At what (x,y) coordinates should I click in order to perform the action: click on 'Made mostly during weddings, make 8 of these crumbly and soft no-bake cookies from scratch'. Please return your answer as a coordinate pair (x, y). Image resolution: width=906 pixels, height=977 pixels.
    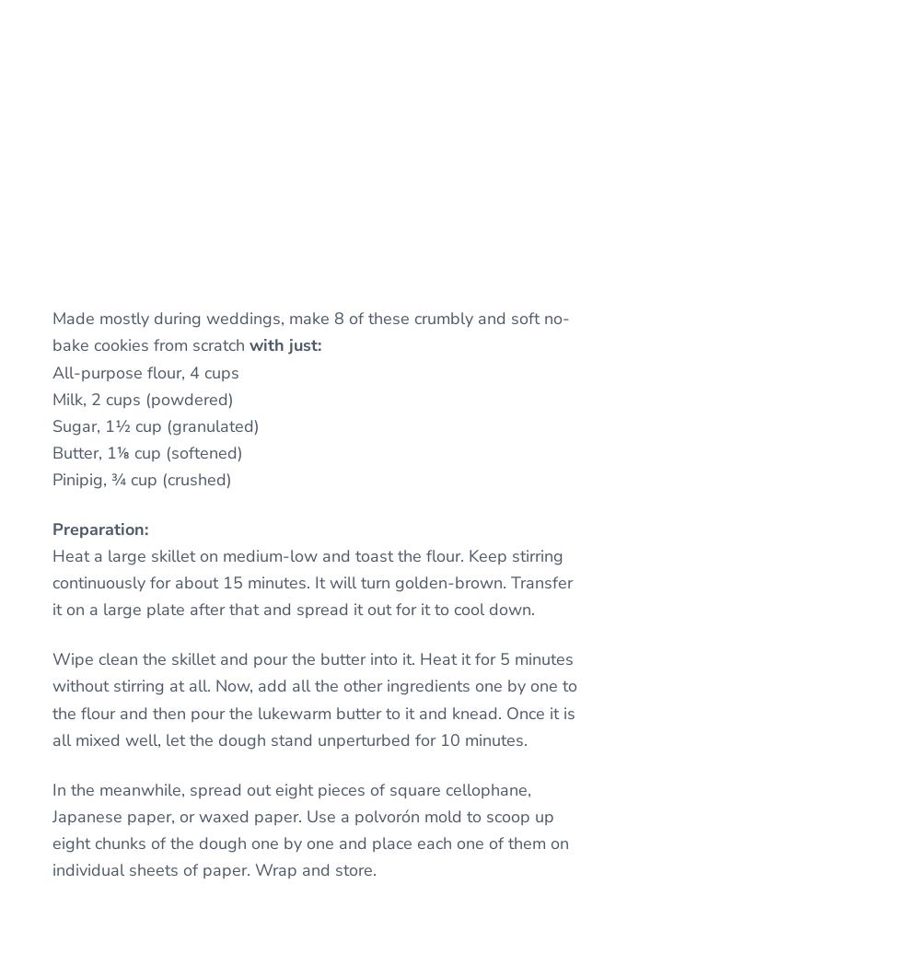
    Looking at the image, I should click on (51, 331).